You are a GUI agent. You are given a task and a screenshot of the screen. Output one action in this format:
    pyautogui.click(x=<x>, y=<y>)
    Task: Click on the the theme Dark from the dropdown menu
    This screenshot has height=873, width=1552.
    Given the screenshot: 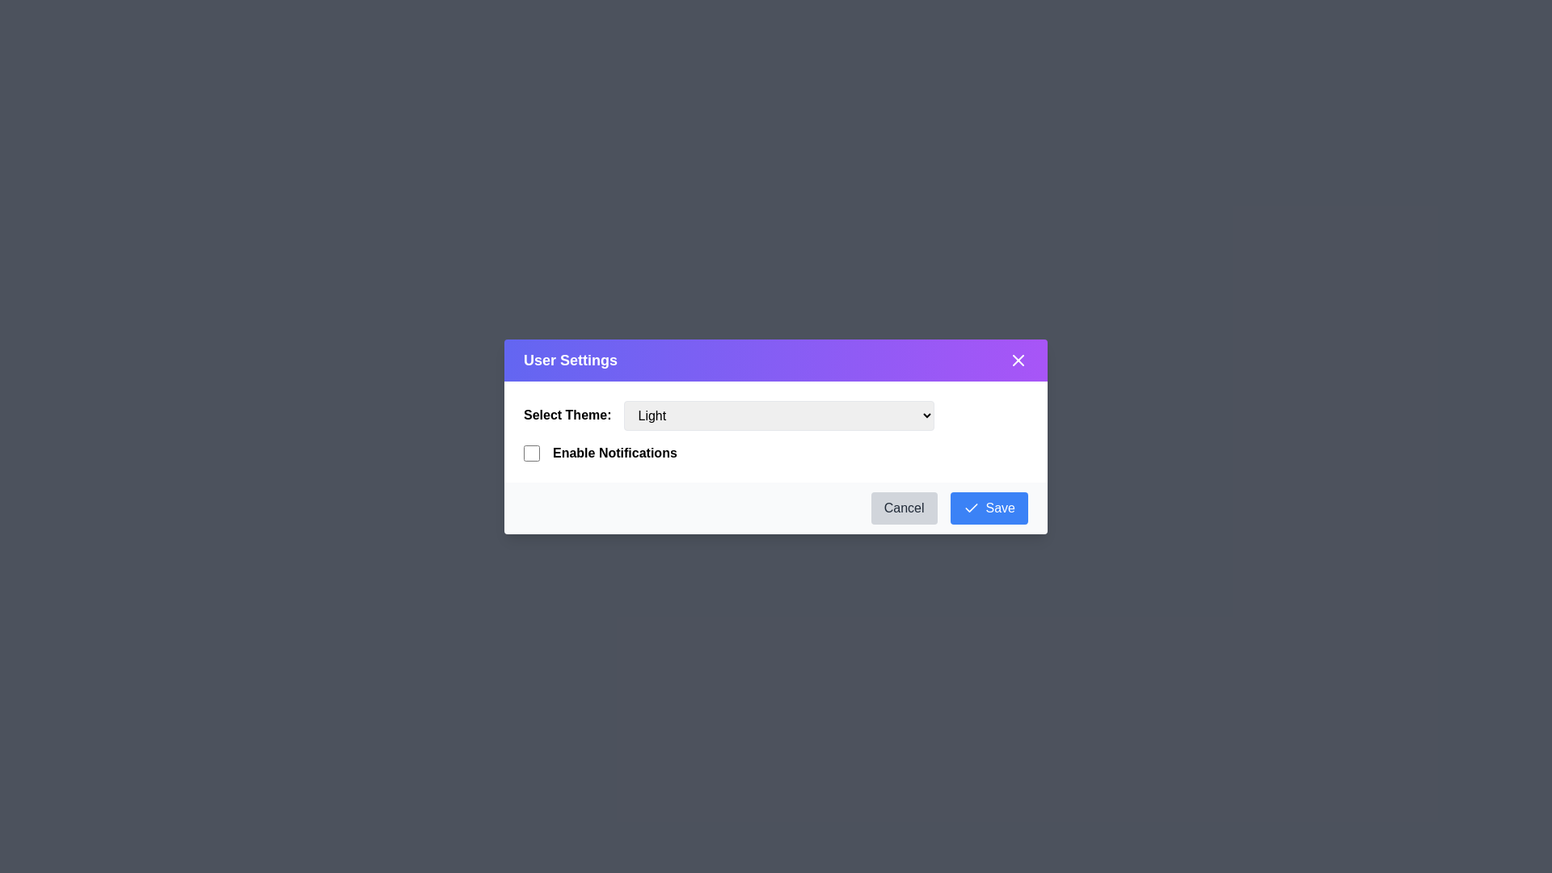 What is the action you would take?
    pyautogui.click(x=779, y=414)
    